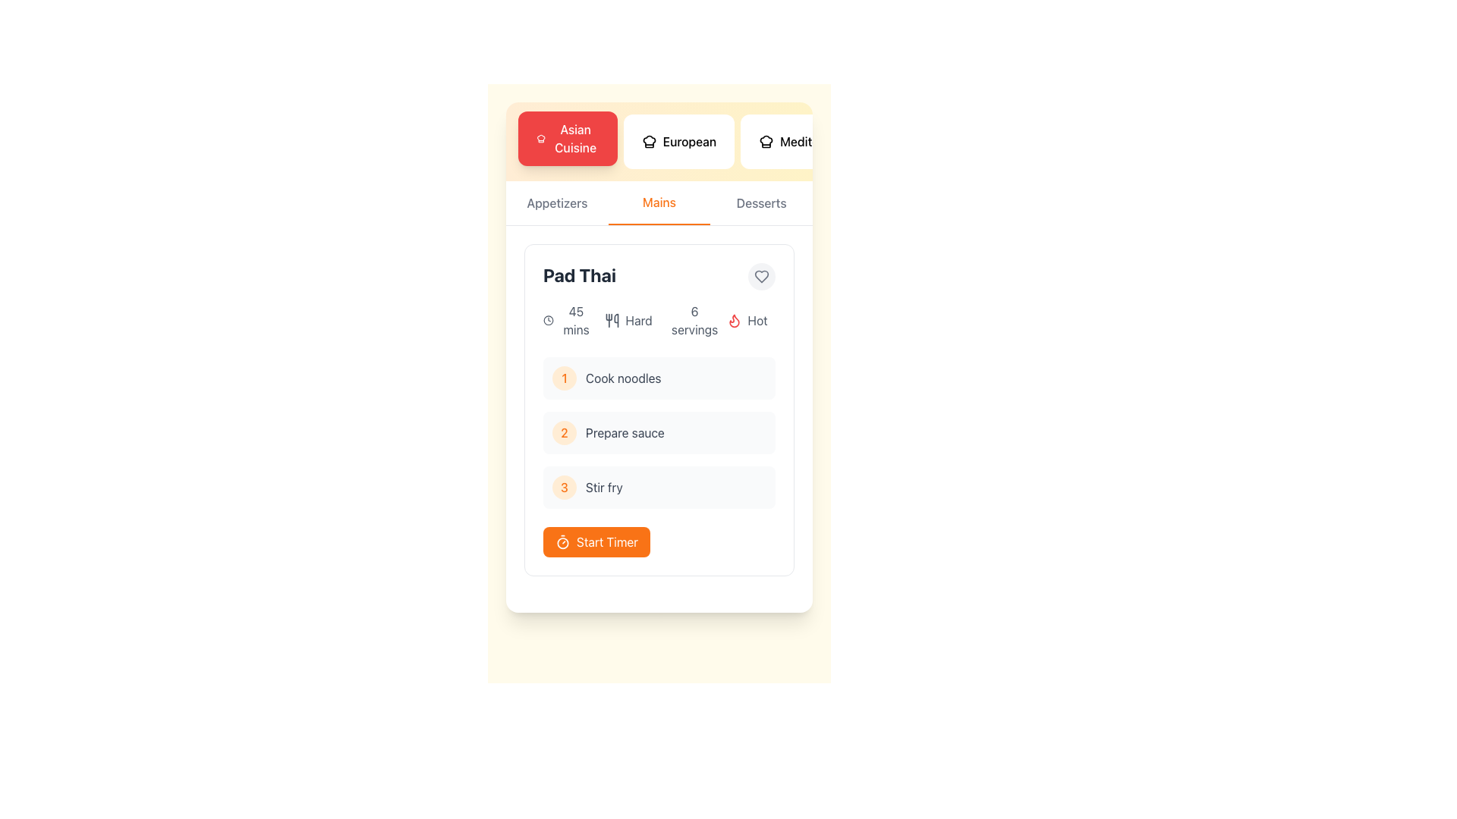 This screenshot has width=1457, height=819. Describe the element at coordinates (688, 141) in the screenshot. I see `the 'European' cuisine text label` at that location.